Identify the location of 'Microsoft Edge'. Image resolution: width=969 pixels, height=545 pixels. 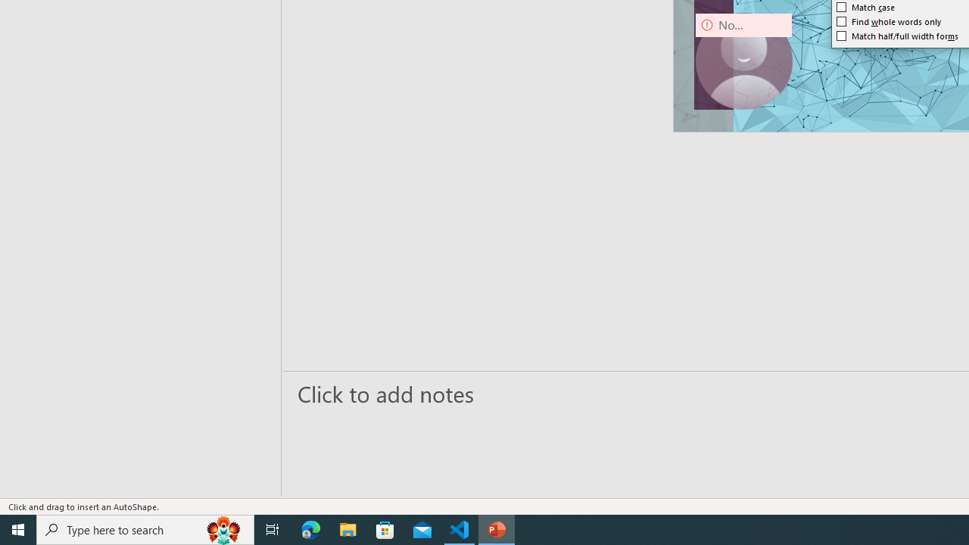
(310, 528).